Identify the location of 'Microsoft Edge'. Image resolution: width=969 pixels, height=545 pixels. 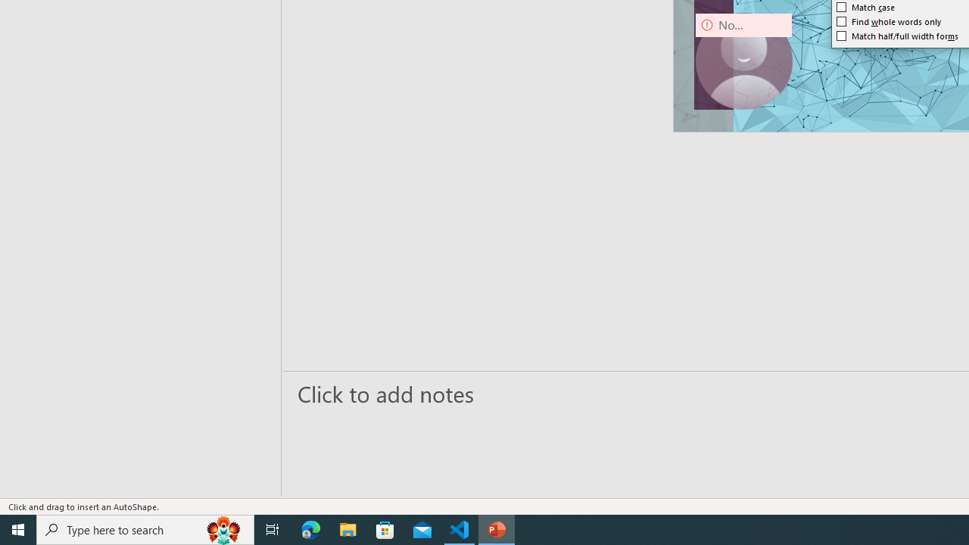
(310, 528).